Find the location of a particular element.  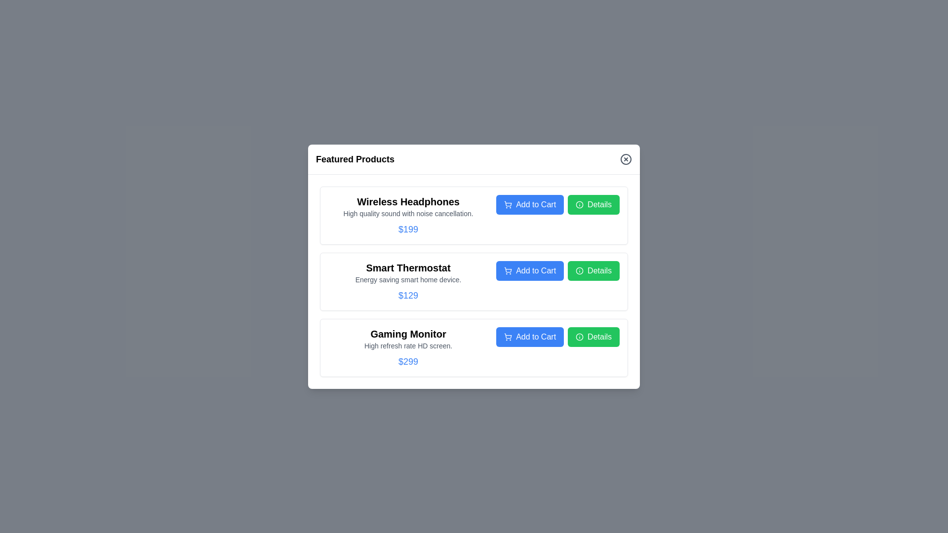

'Add to Cart' button for the product Wireless Headphones is located at coordinates (529, 204).